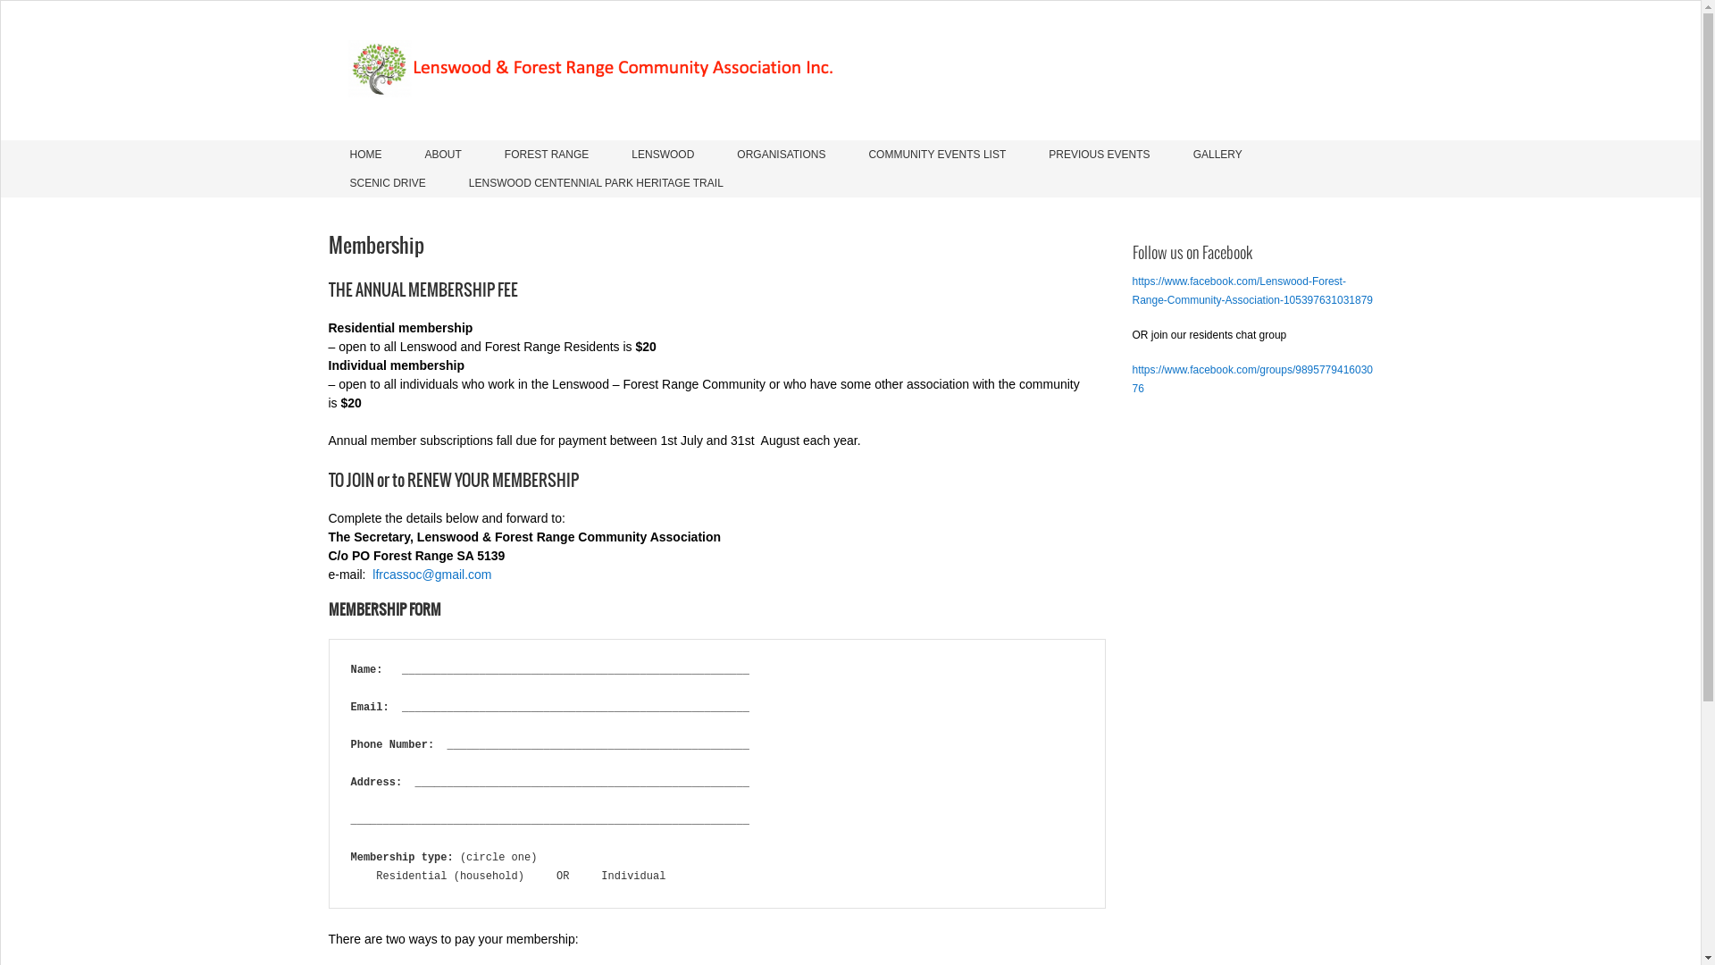 The height and width of the screenshot is (965, 1715). Describe the element at coordinates (1027, 154) in the screenshot. I see `'PREVIOUS EVENTS'` at that location.